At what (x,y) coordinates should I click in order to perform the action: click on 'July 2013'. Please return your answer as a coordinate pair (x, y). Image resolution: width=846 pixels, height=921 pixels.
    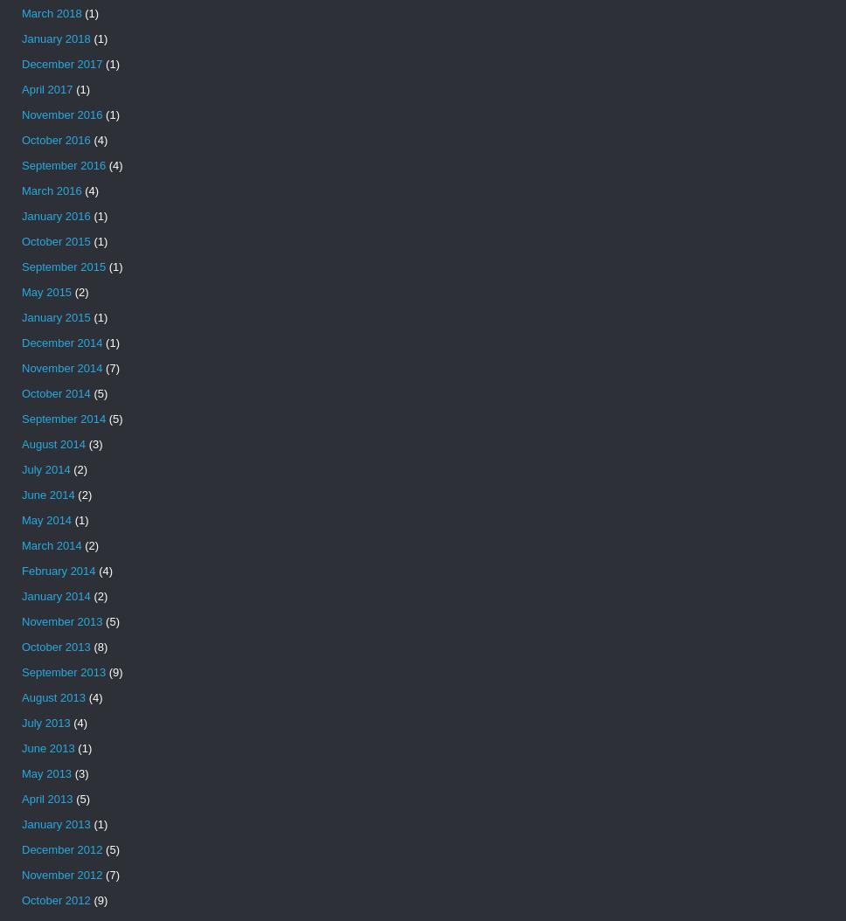
    Looking at the image, I should click on (45, 722).